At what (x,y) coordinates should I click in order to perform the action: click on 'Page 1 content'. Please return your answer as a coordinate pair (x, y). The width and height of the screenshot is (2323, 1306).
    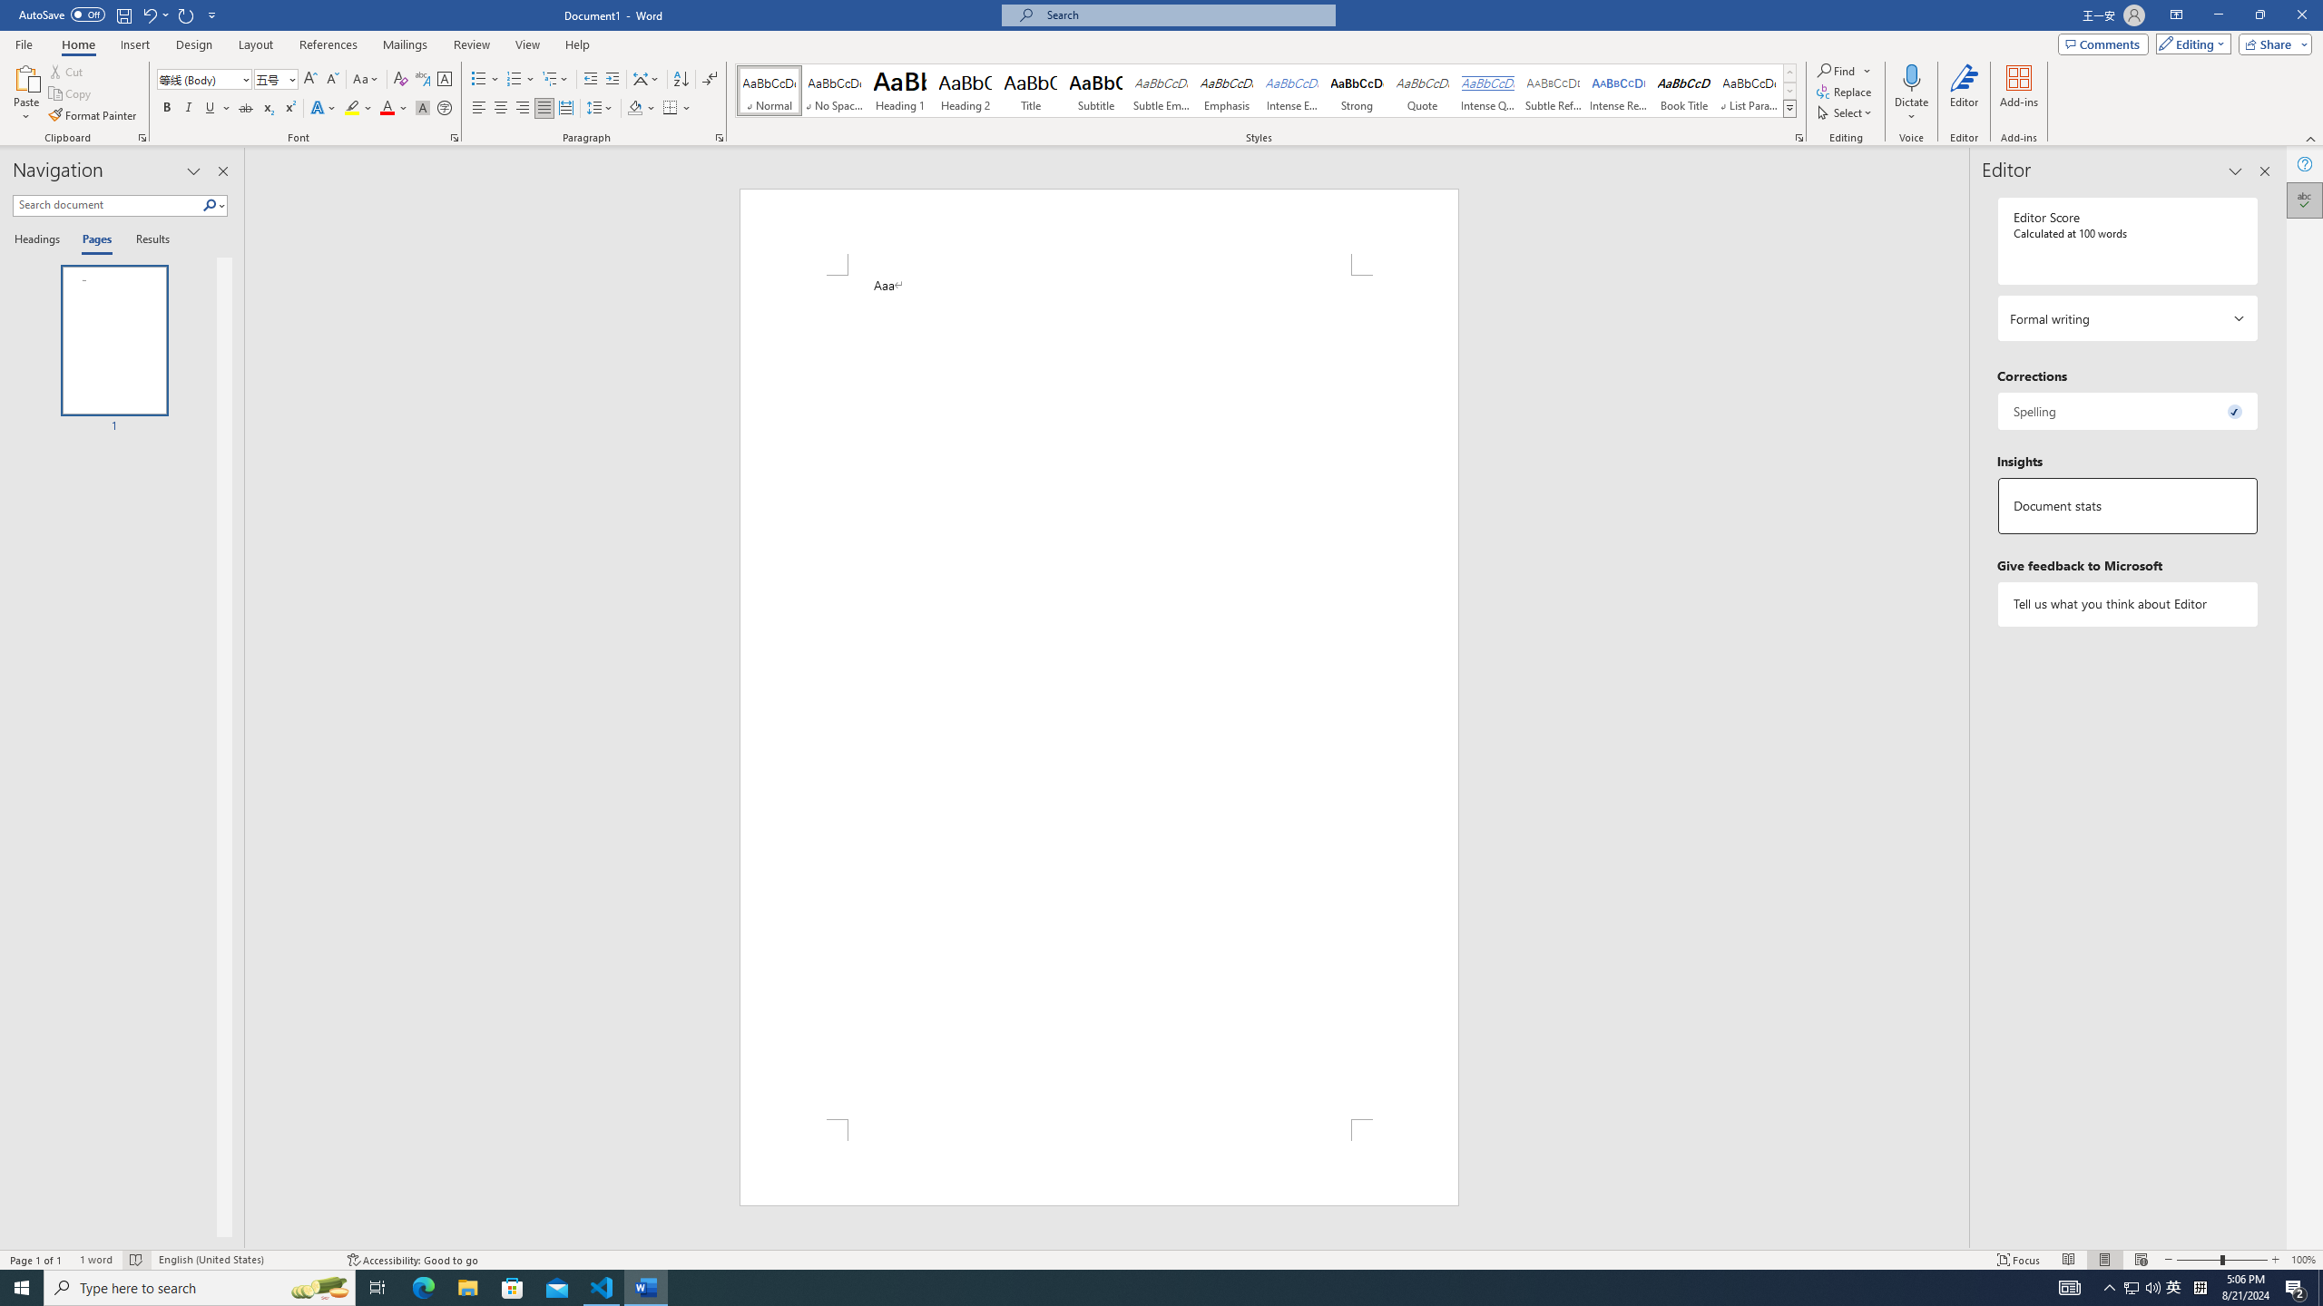
    Looking at the image, I should click on (1098, 696).